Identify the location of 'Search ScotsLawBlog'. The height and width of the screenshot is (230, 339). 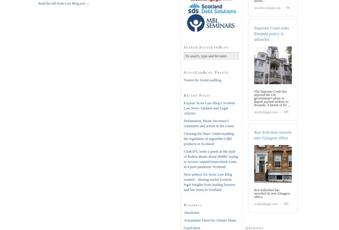
(206, 47).